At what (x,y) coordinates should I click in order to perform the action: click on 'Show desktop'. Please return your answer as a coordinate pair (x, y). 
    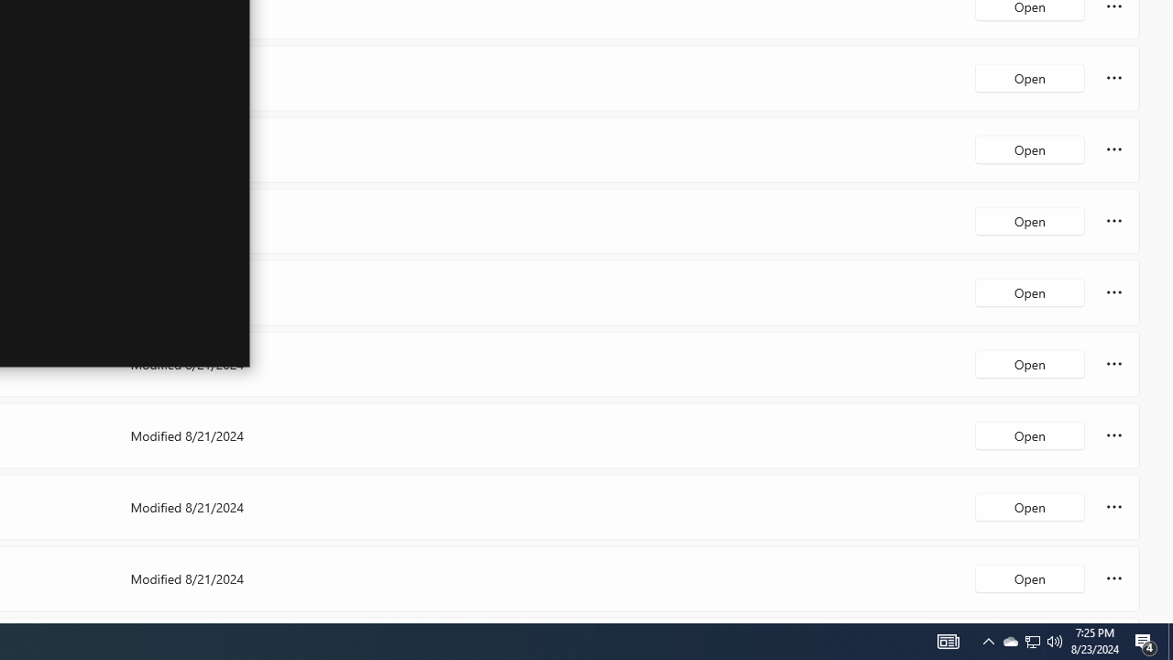
    Looking at the image, I should click on (1146, 640).